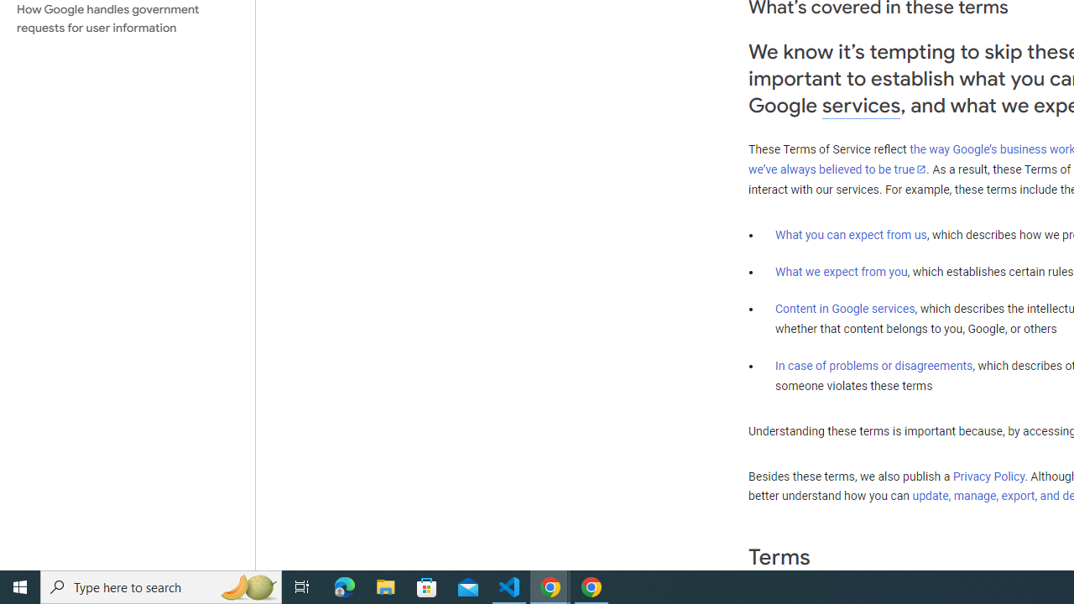 Image resolution: width=1074 pixels, height=604 pixels. Describe the element at coordinates (851, 234) in the screenshot. I see `'What you can expect from us'` at that location.